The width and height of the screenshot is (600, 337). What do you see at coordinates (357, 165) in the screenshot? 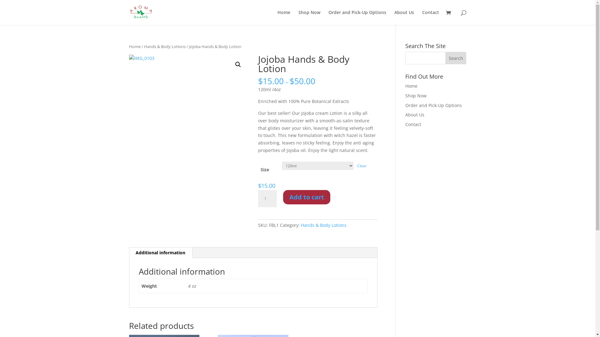
I see `'Clear'` at bounding box center [357, 165].